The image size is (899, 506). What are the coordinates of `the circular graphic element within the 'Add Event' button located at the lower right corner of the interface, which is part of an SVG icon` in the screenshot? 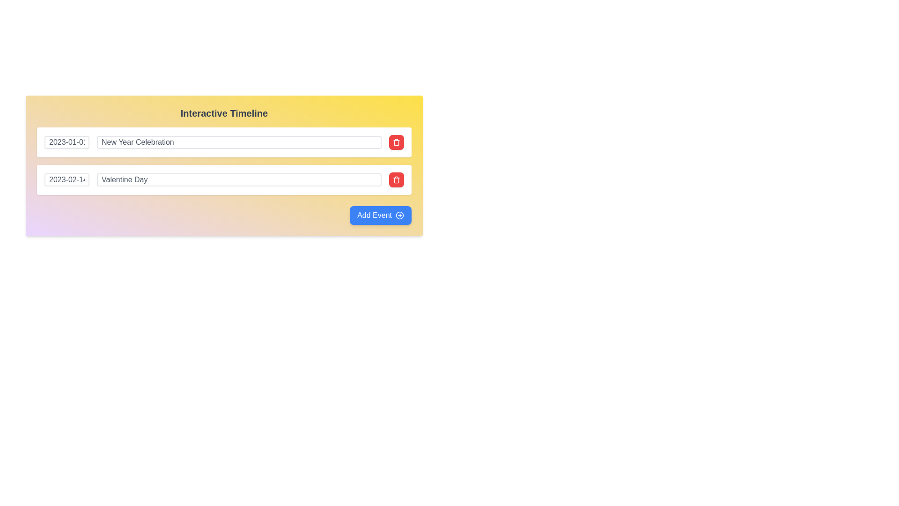 It's located at (400, 215).